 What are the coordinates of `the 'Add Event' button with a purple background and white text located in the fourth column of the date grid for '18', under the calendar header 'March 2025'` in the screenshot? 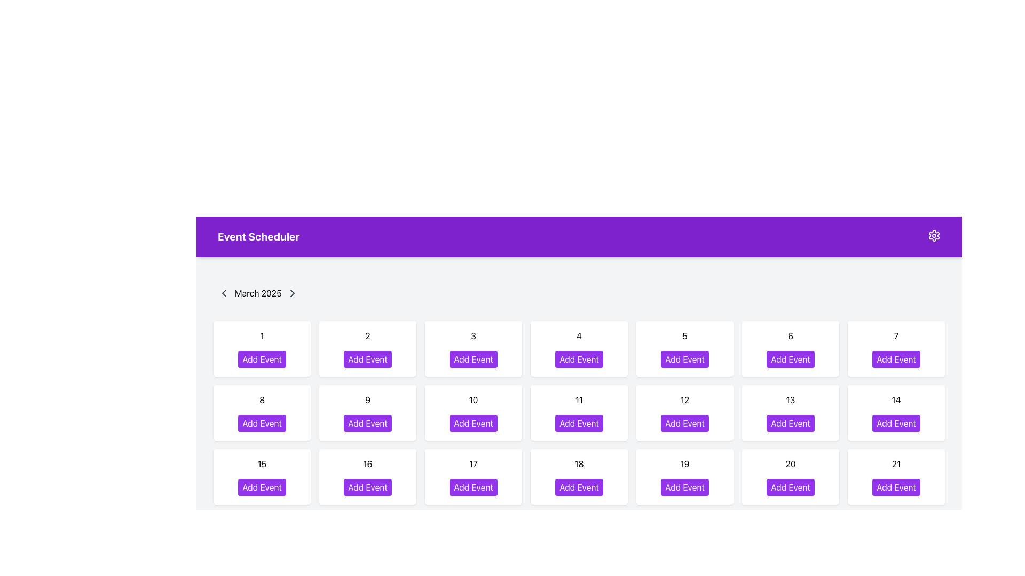 It's located at (578, 487).